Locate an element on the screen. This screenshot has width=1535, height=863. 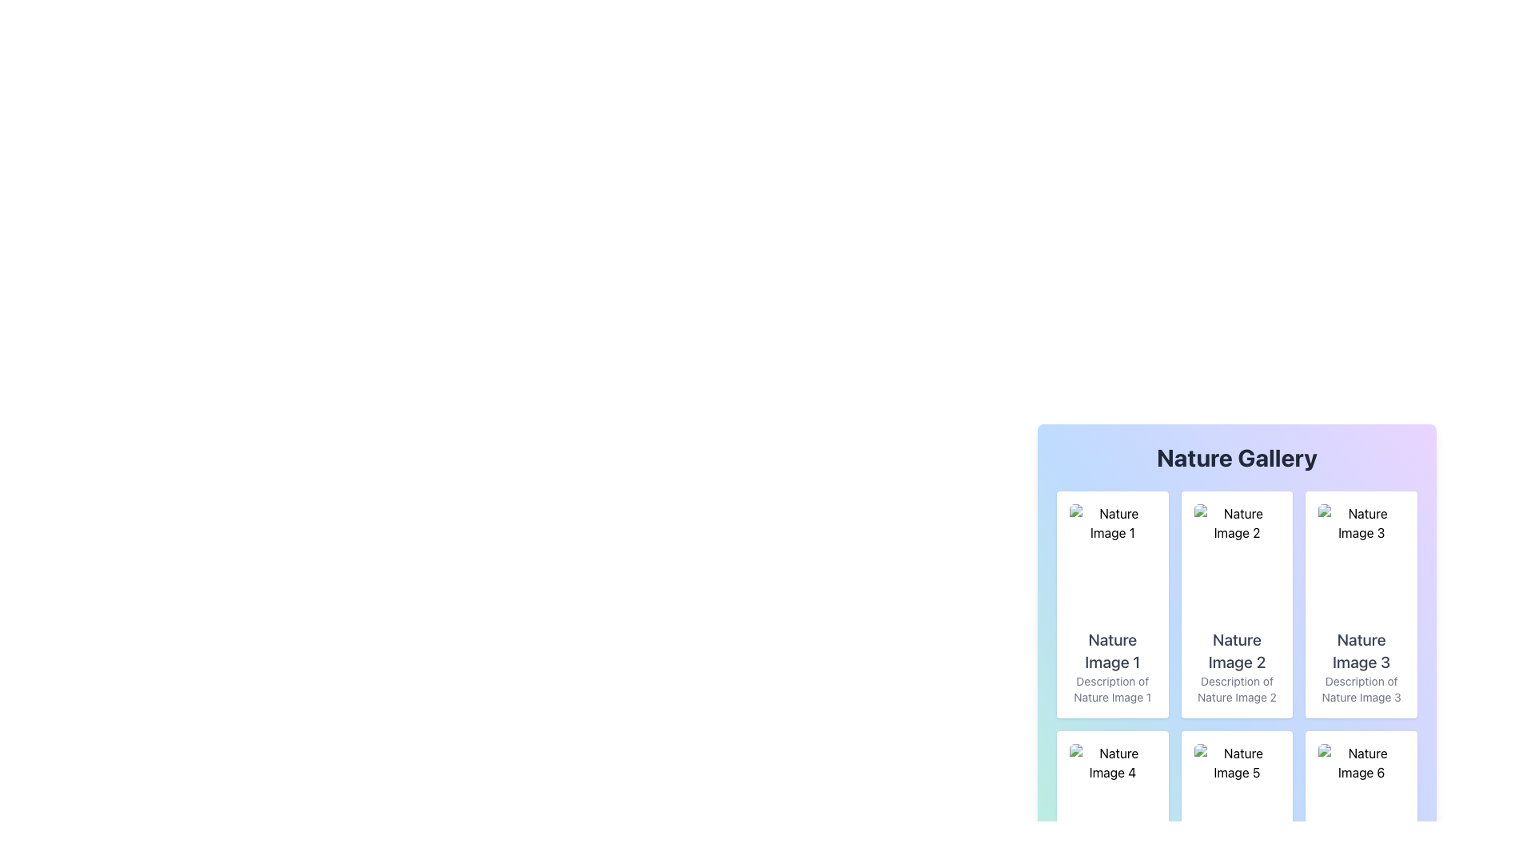
the text element that contains 'Description of Nature Image 3' located beneath the title 'Nature Image 3' in the third card of the Nature Gallery is located at coordinates (1361, 689).